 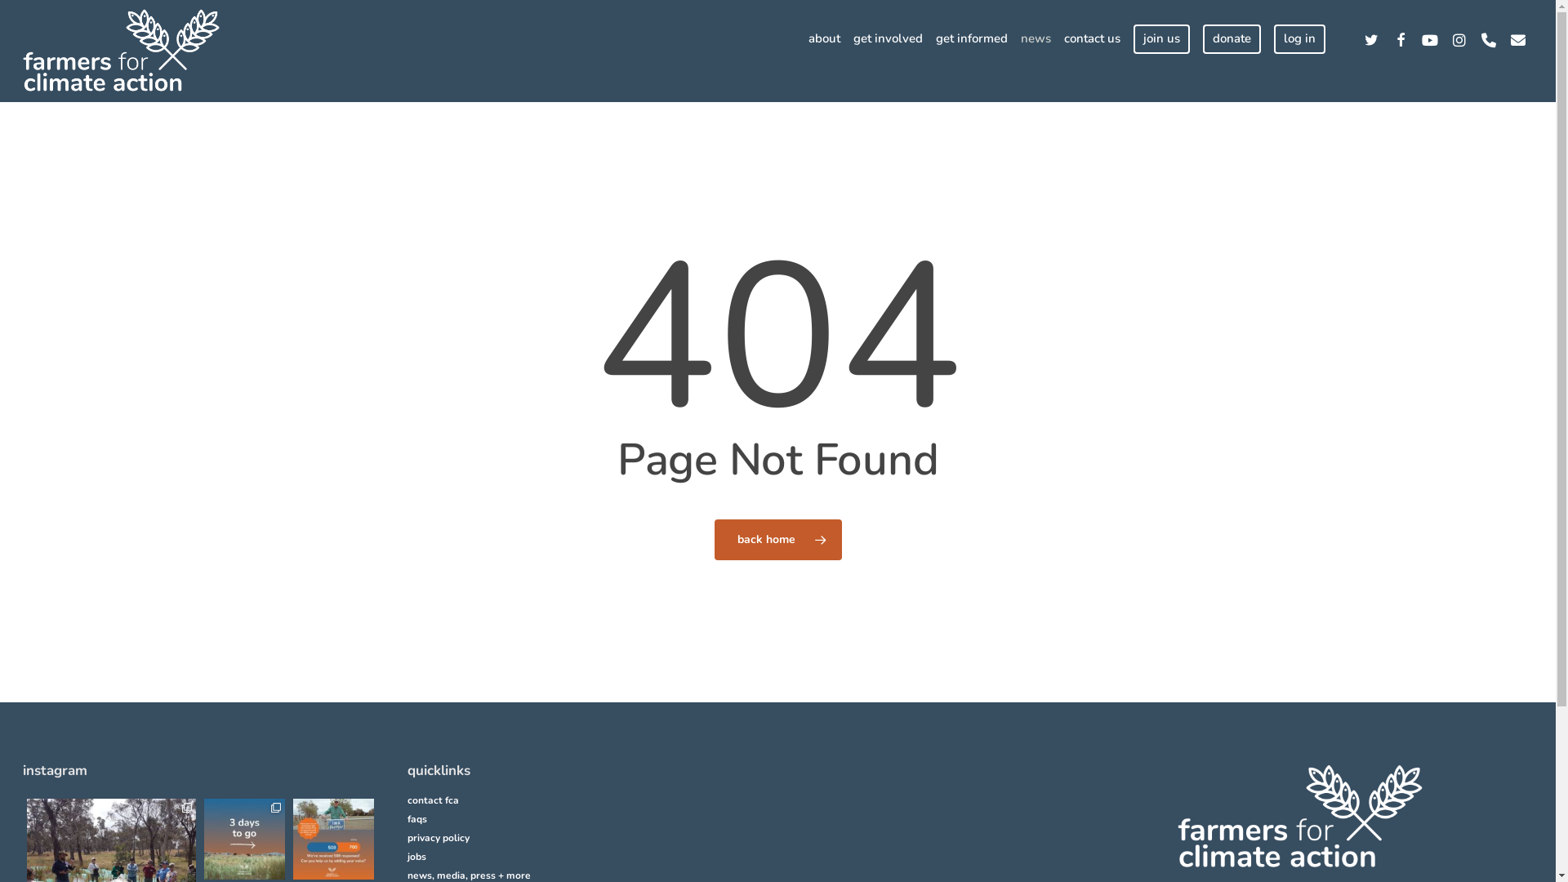 What do you see at coordinates (1459, 38) in the screenshot?
I see `'instagram'` at bounding box center [1459, 38].